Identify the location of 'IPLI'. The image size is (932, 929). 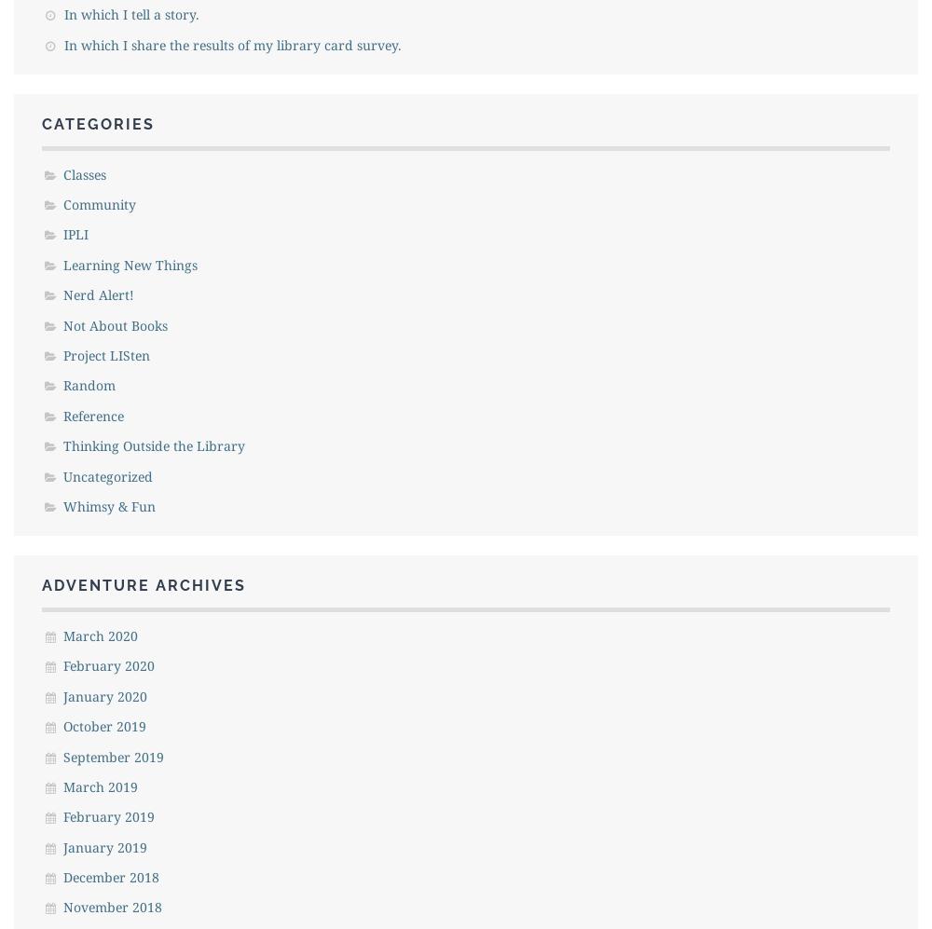
(75, 233).